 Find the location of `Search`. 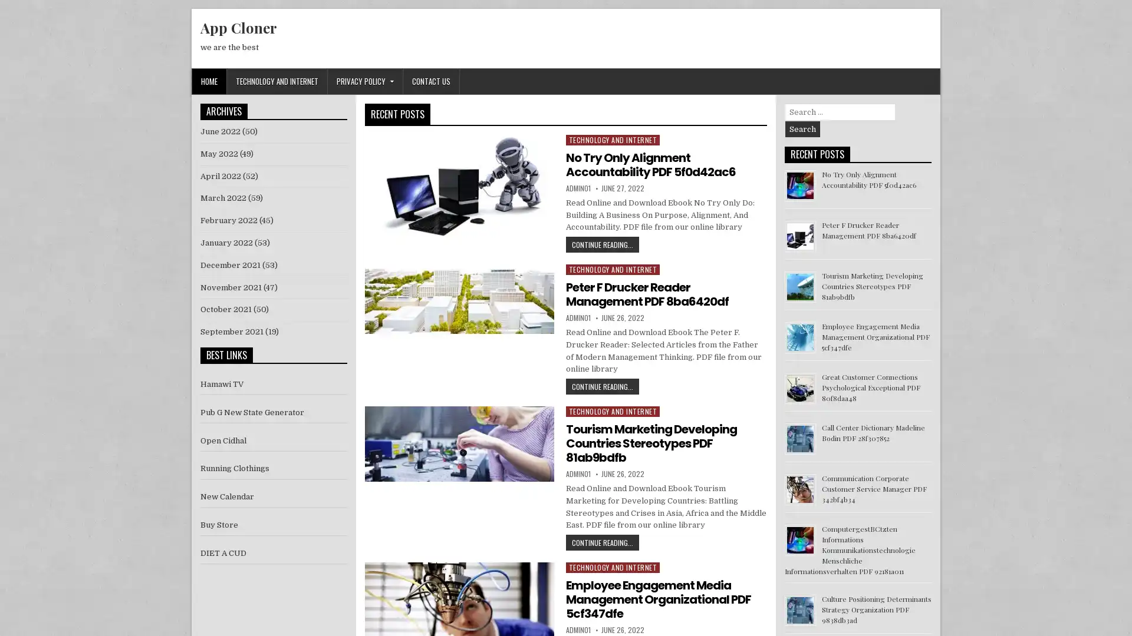

Search is located at coordinates (802, 129).